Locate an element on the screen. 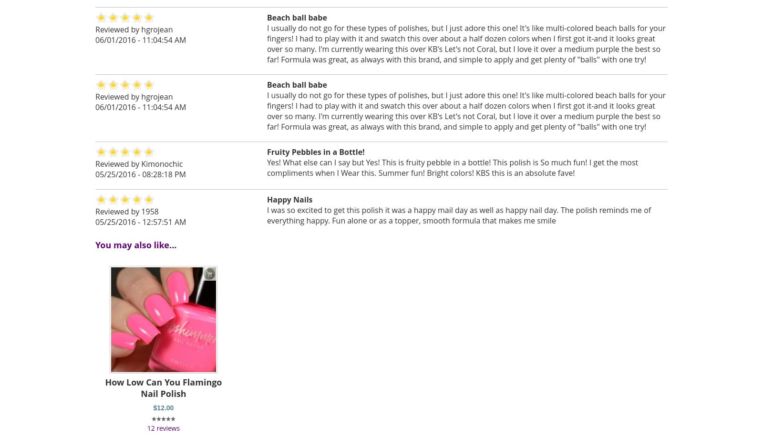 Image resolution: width=763 pixels, height=436 pixels. '12 reviews' is located at coordinates (147, 427).